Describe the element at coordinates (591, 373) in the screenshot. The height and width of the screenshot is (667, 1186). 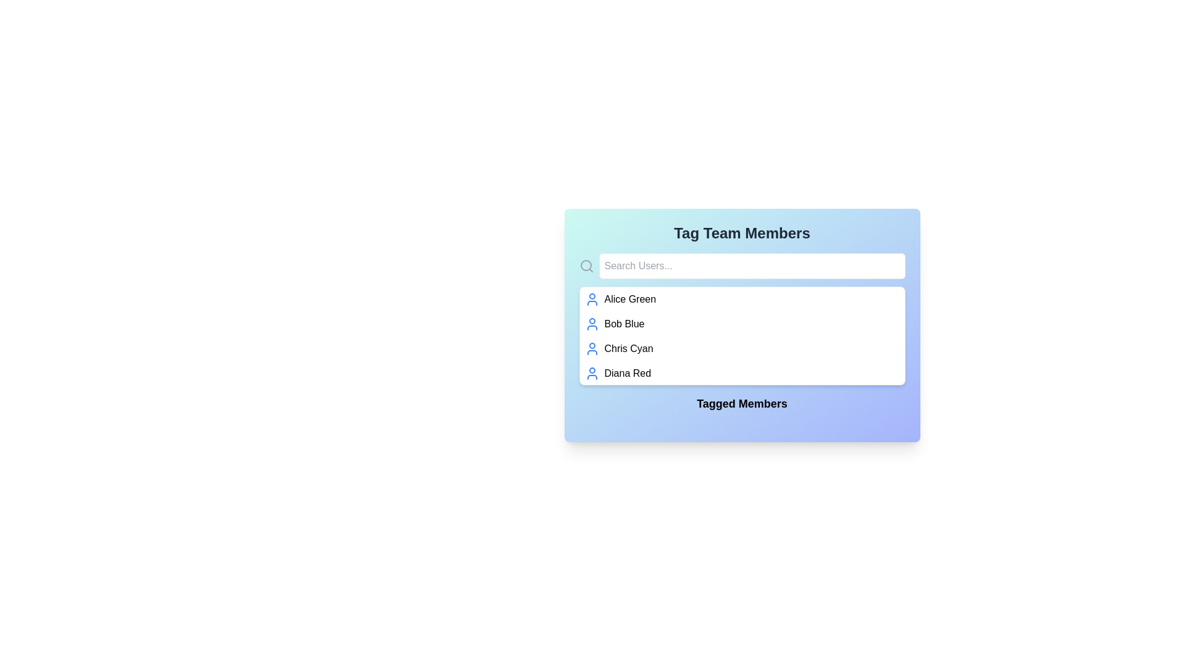
I see `the decorative user identification icon for 'Diana Red', which is the leftmost component in the user list row` at that location.